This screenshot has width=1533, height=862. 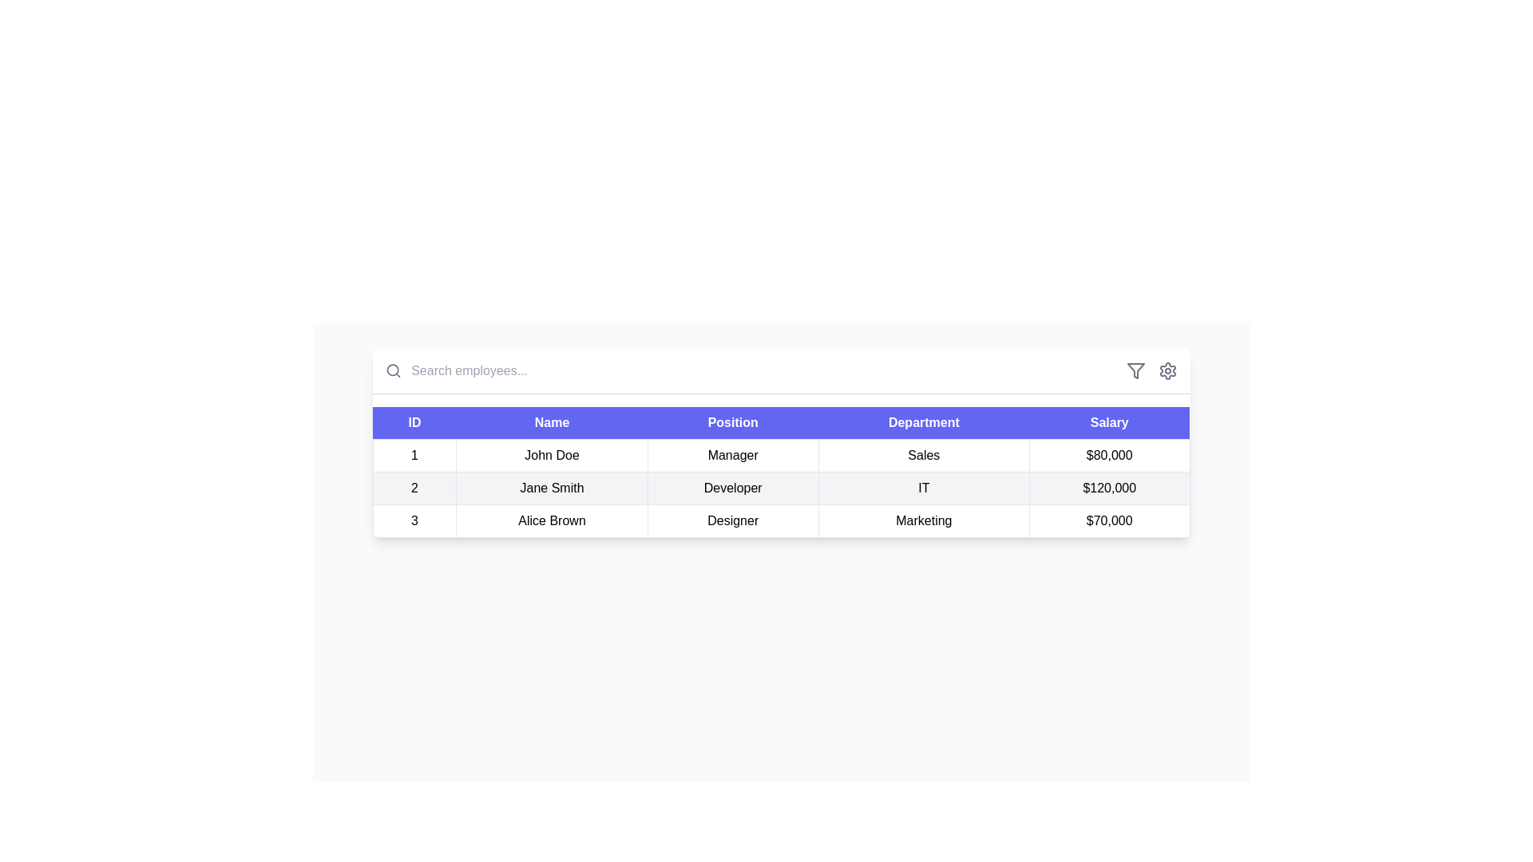 What do you see at coordinates (552, 520) in the screenshot?
I see `the non-interactive text field displaying the name of an individual in the third row of the employee information table, located under the 'Name' column` at bounding box center [552, 520].